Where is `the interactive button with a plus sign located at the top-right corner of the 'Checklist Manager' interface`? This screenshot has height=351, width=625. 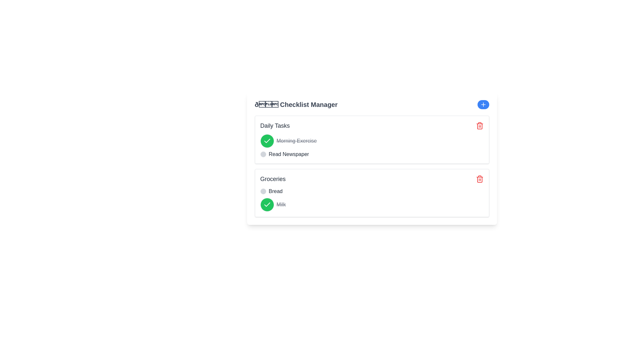 the interactive button with a plus sign located at the top-right corner of the 'Checklist Manager' interface is located at coordinates (483, 104).